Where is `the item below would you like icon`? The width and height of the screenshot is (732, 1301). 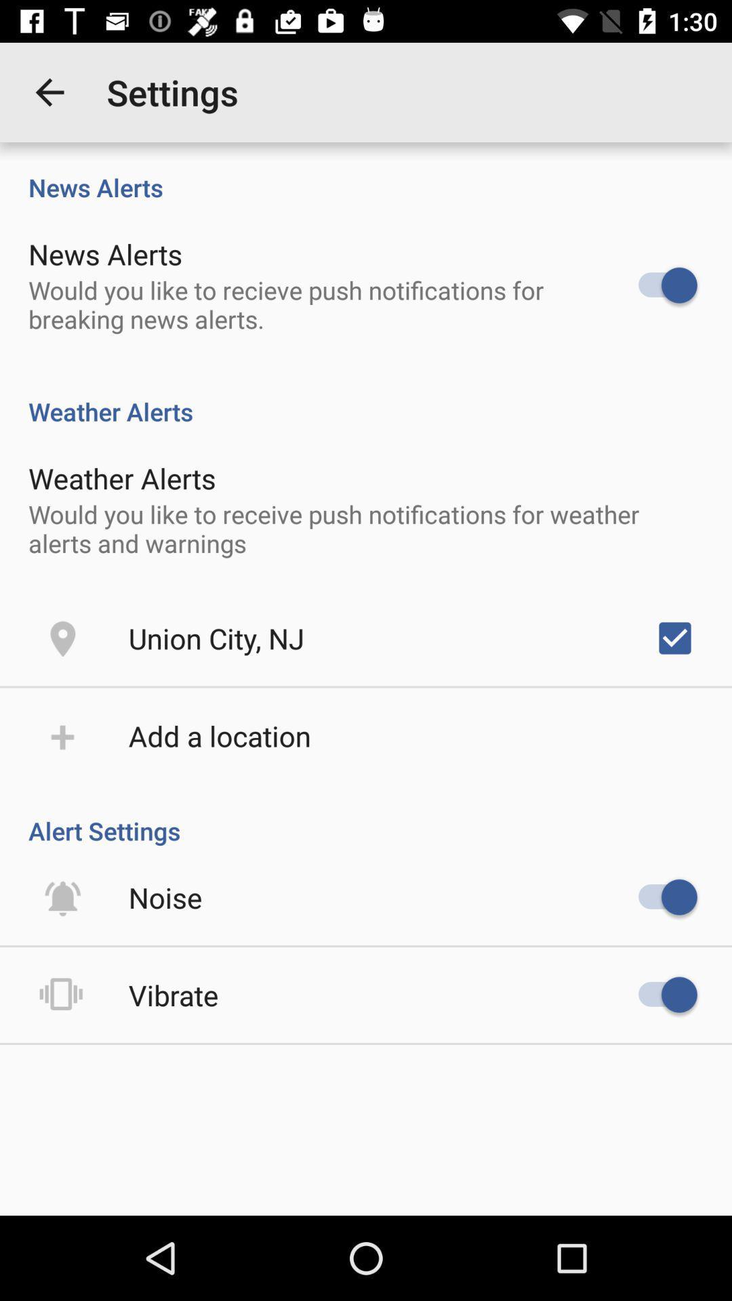
the item below would you like icon is located at coordinates (216, 637).